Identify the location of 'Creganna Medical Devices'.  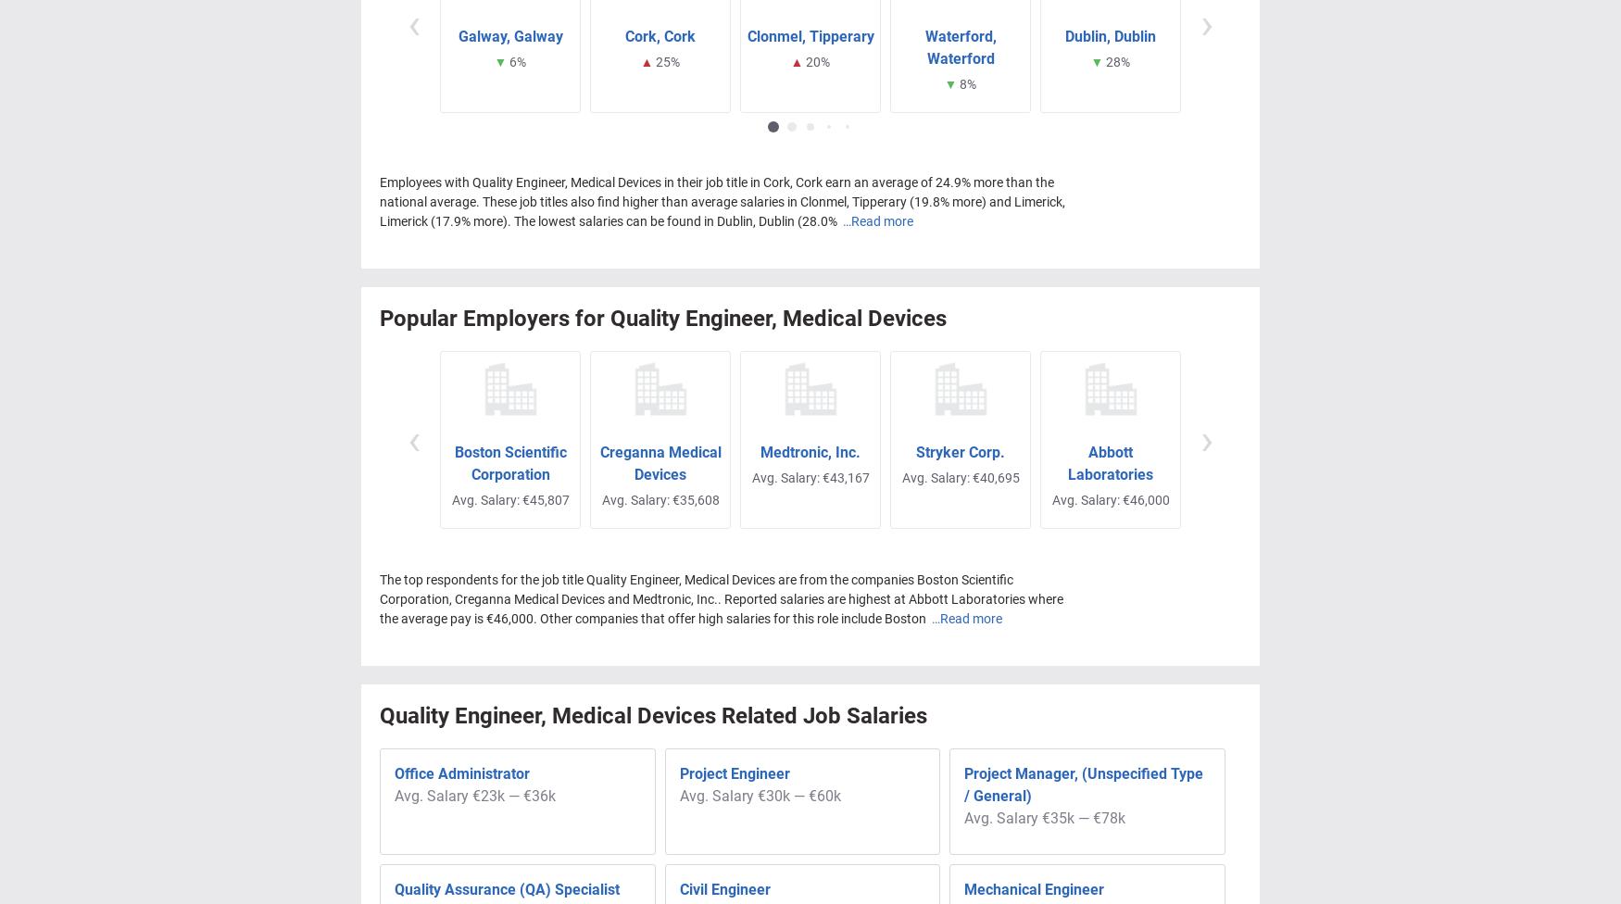
(660, 463).